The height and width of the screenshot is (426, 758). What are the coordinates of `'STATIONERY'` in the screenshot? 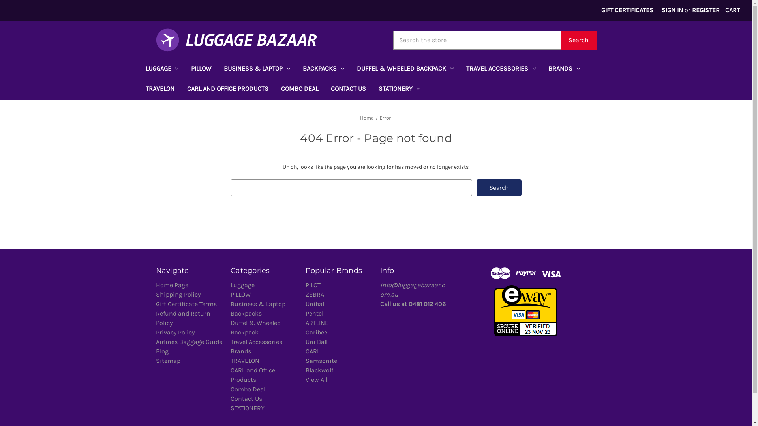 It's located at (399, 89).